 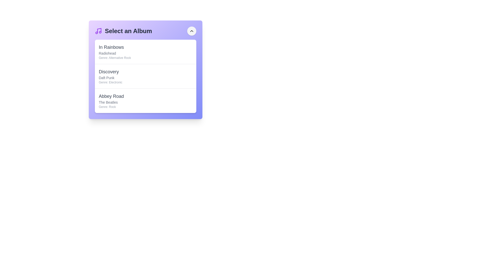 I want to click on the artist name label for the album 'Discovery', which is the middle item in a vertical arrangement of album details, so click(x=110, y=78).